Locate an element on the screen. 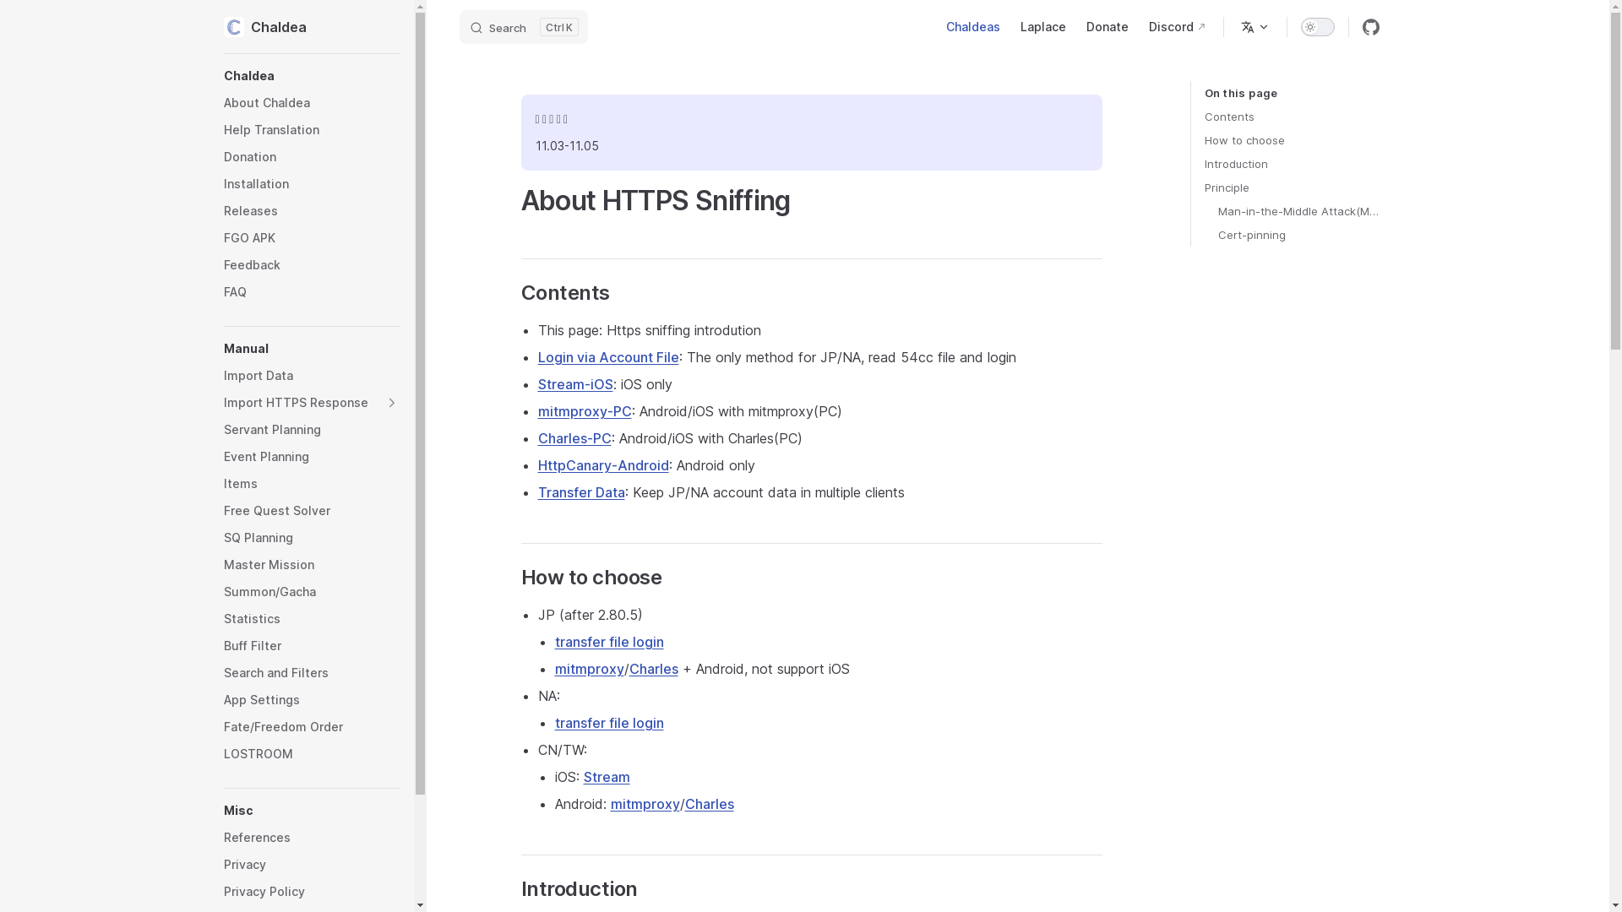  'Login via Account File' is located at coordinates (607, 356).